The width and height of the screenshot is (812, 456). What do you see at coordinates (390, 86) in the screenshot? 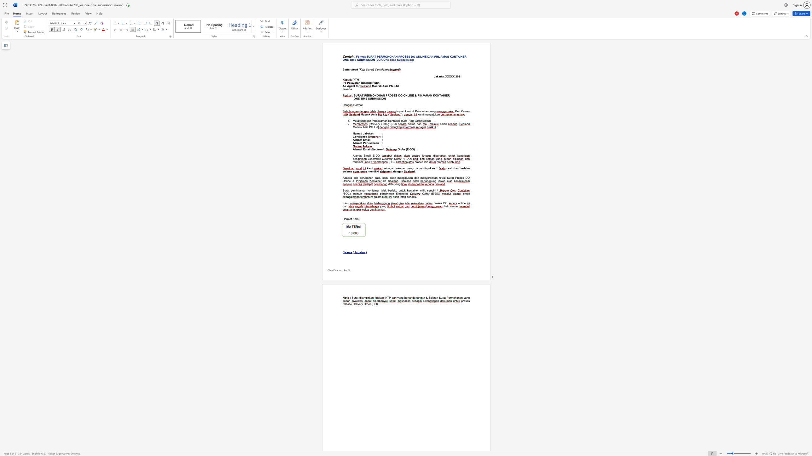
I see `the space between the continuous character "P" and "t" in the text` at bounding box center [390, 86].